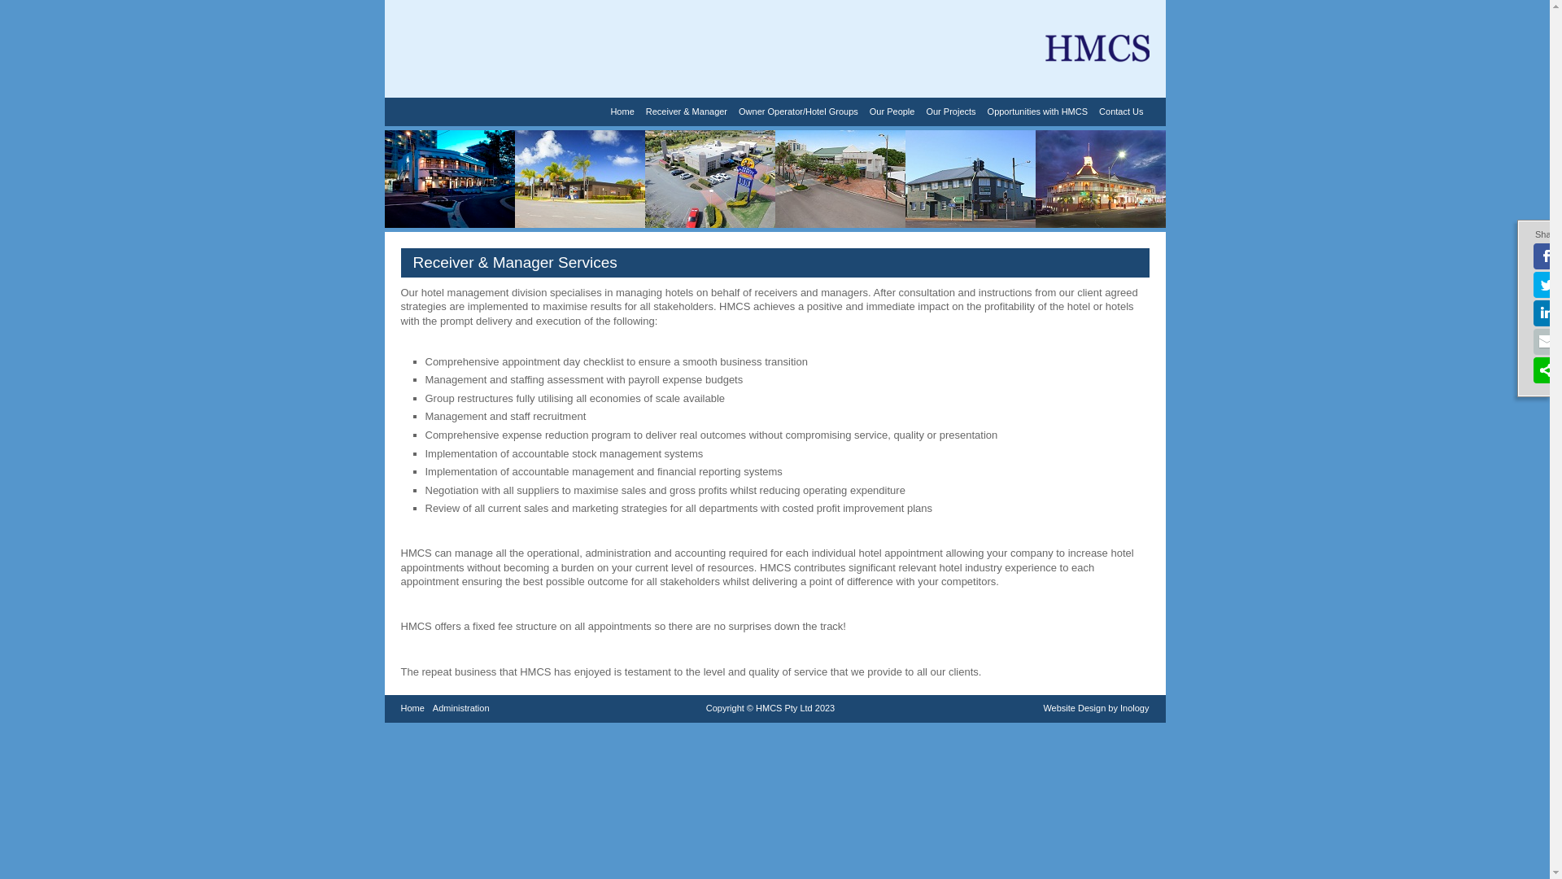 This screenshot has width=1562, height=879. What do you see at coordinates (892, 111) in the screenshot?
I see `'Our People'` at bounding box center [892, 111].